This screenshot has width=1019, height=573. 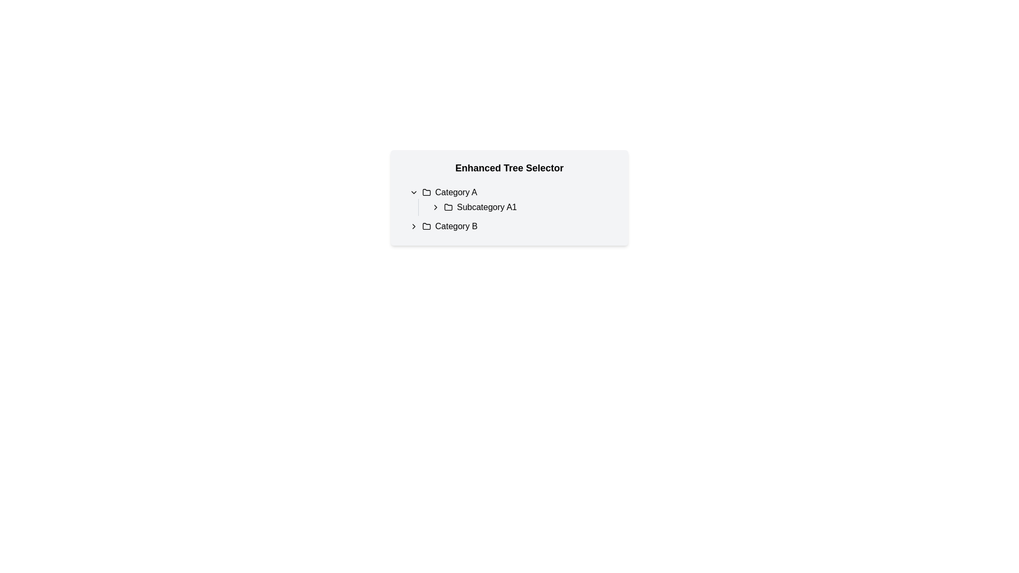 I want to click on the folder-shaped icon located between the chevron-down icon and the text 'Category A', so click(x=427, y=192).